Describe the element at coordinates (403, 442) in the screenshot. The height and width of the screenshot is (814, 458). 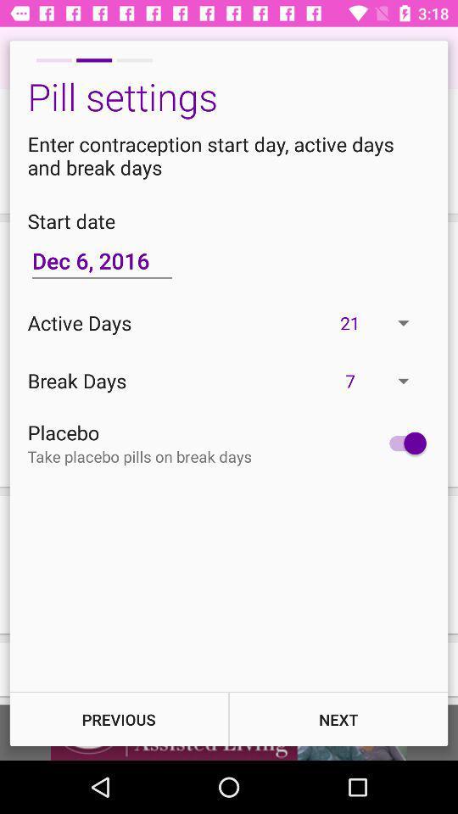
I see `switch autoplay` at that location.